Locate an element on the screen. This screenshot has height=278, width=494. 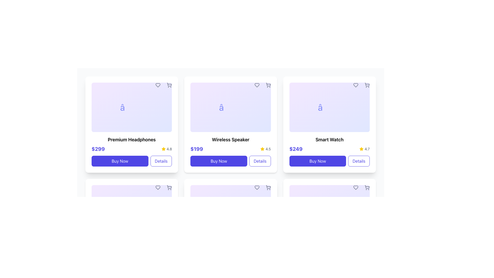
the icon-based button in the top-right corner of the middle product card is located at coordinates (169, 85).